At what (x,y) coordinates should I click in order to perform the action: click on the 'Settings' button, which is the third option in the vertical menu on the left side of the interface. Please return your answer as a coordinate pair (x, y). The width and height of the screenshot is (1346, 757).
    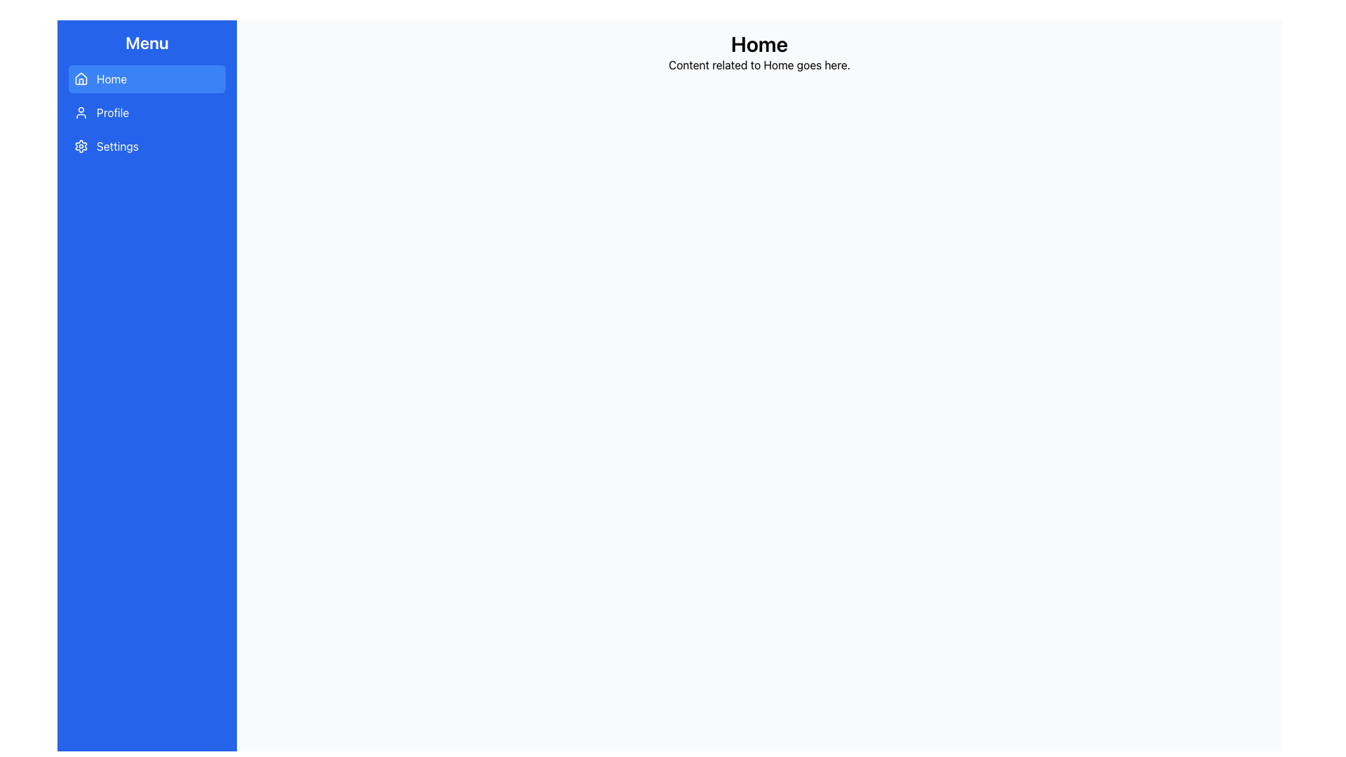
    Looking at the image, I should click on (147, 146).